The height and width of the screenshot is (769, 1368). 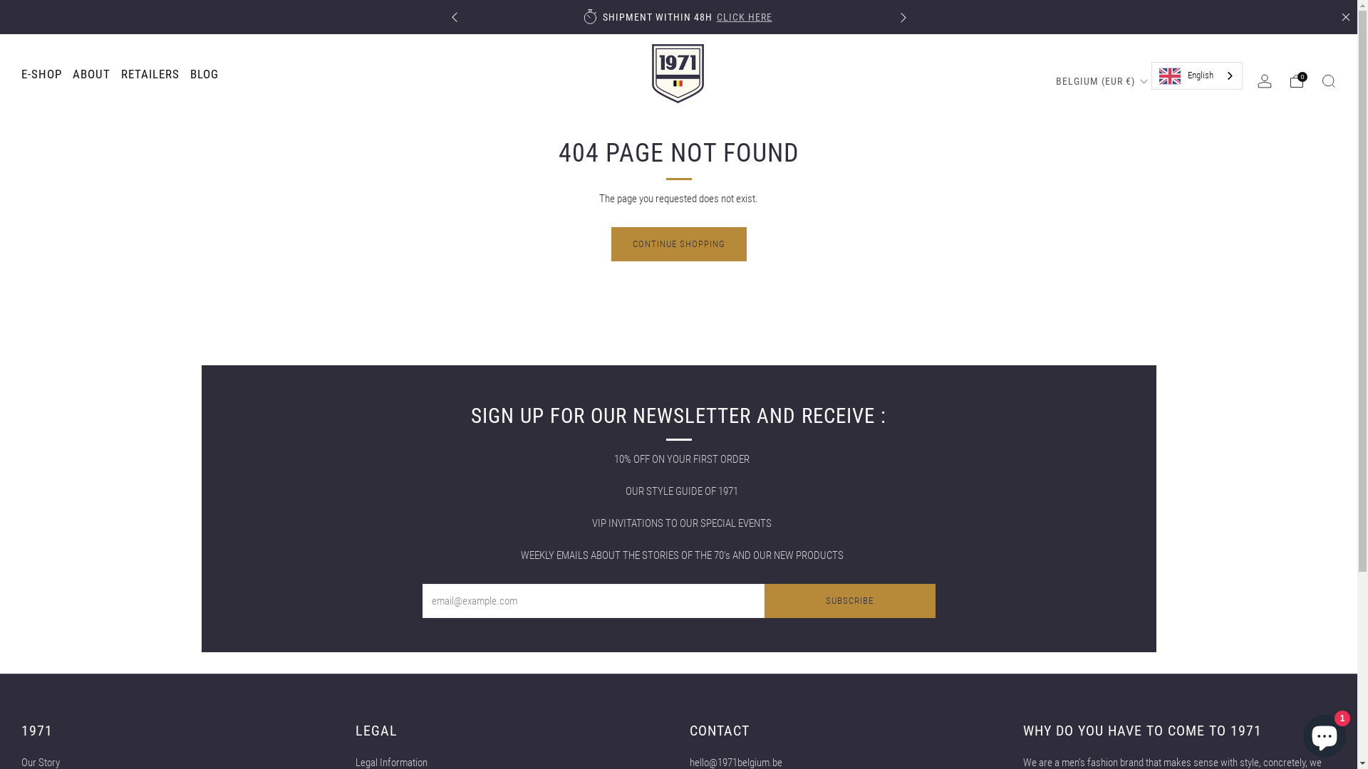 What do you see at coordinates (744, 16) in the screenshot?
I see `'CLICK HERE'` at bounding box center [744, 16].